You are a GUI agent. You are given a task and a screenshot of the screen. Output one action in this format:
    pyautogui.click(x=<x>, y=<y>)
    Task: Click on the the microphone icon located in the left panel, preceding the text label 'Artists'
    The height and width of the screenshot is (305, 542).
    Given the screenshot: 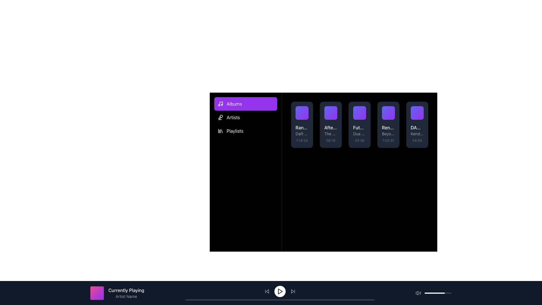 What is the action you would take?
    pyautogui.click(x=220, y=117)
    